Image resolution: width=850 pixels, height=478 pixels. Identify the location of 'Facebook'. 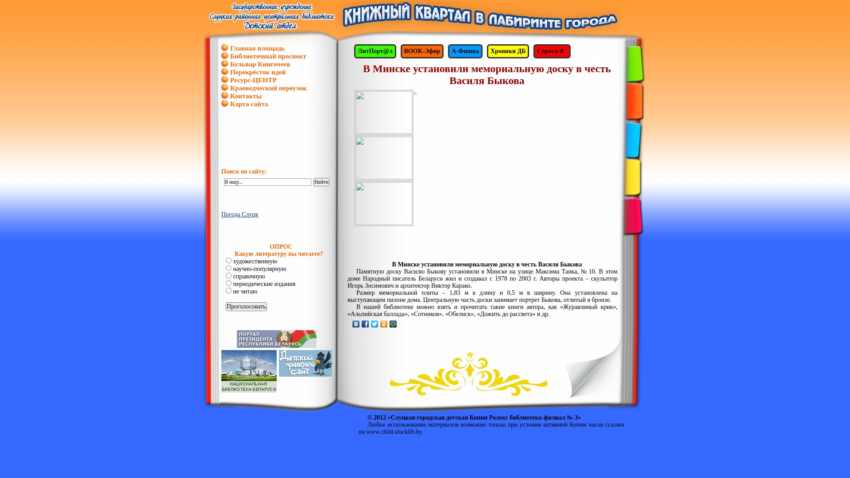
(365, 324).